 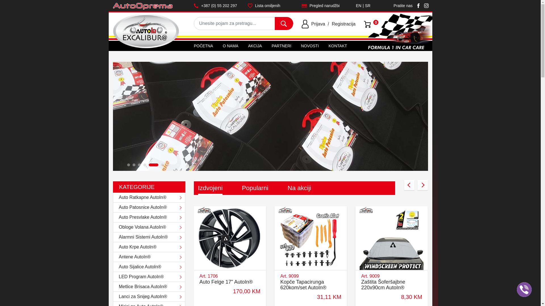 I want to click on 'Na akciji', so click(x=299, y=188).